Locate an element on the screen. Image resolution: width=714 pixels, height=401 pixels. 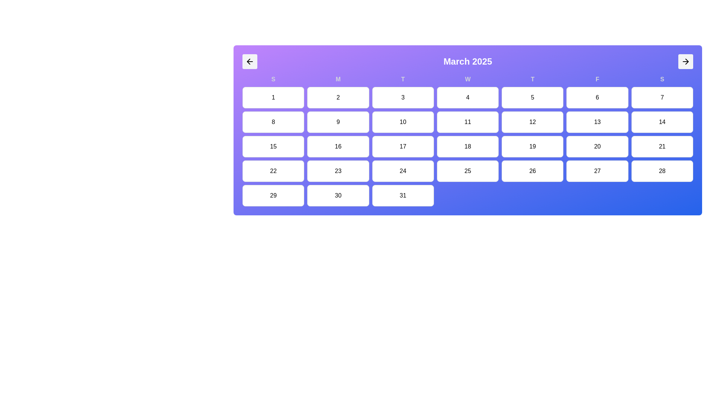
the 'Previous' navigation button located at the leftmost edge of the header section is located at coordinates (250, 61).